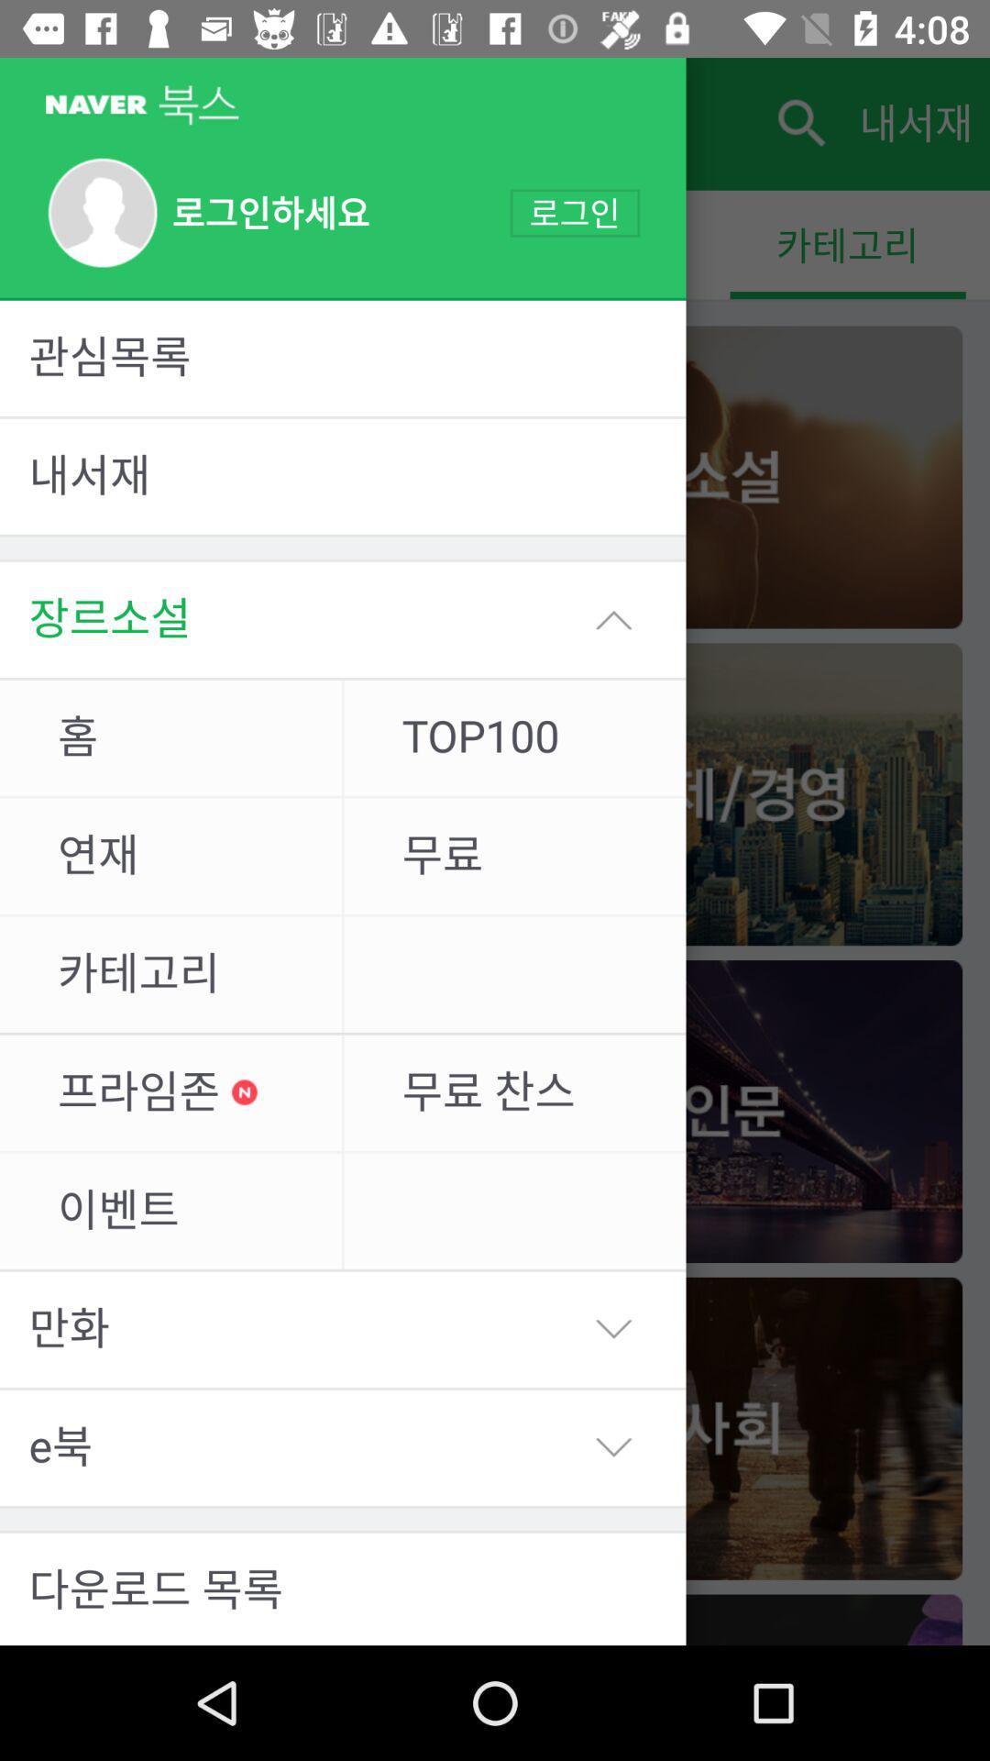  What do you see at coordinates (207, 214) in the screenshot?
I see `enter the user name with user icon  under naver` at bounding box center [207, 214].